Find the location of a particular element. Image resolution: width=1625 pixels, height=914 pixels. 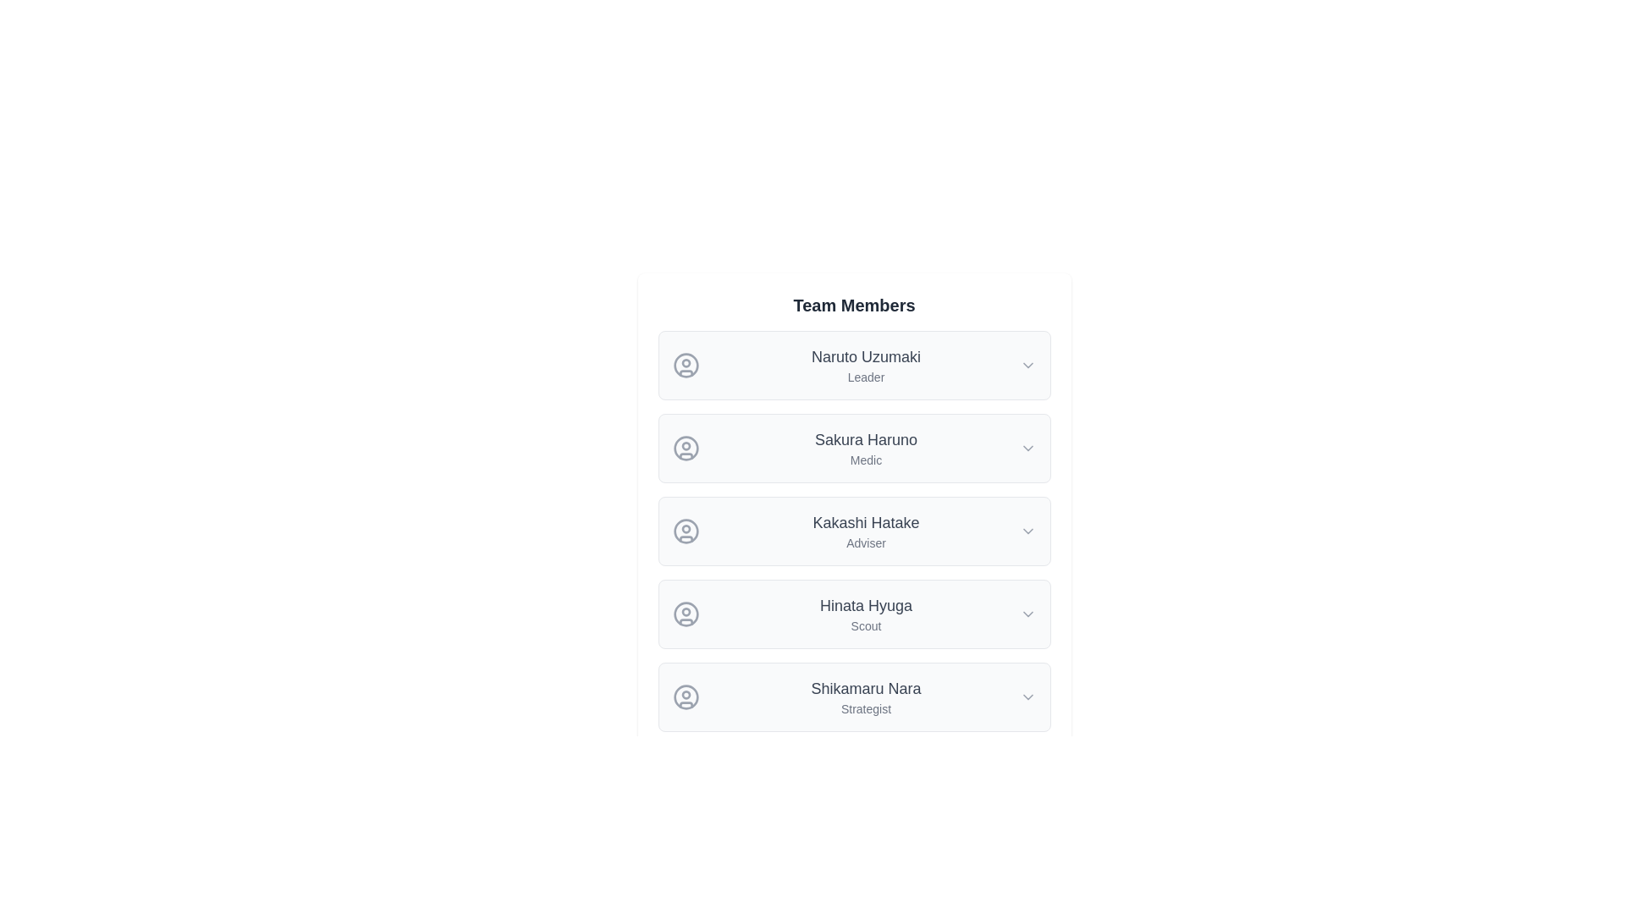

the SVG Circle representing the user profile icon for 'Hinata Hyuga Scout' is located at coordinates (686, 614).